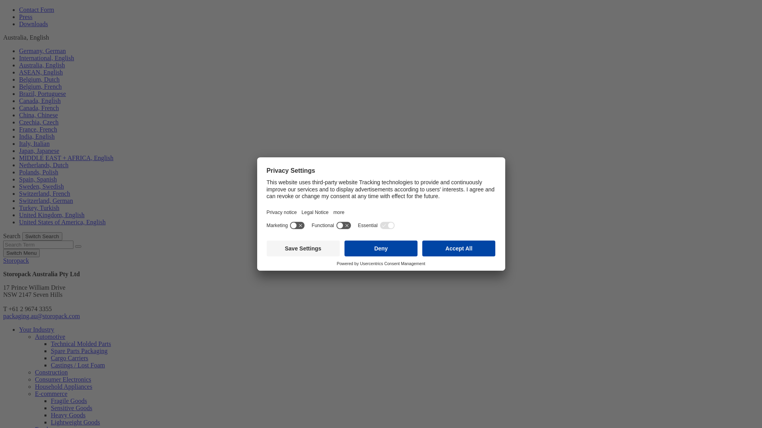  I want to click on 'Polands, Polish', so click(38, 172).